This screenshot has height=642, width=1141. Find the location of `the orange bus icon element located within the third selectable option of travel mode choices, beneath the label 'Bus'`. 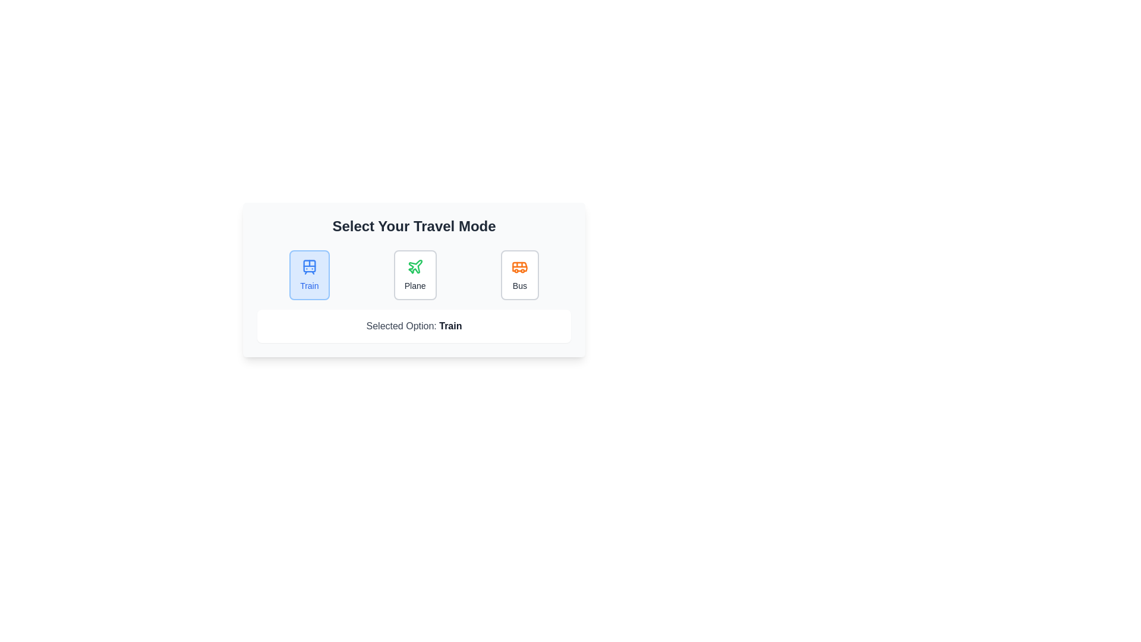

the orange bus icon element located within the third selectable option of travel mode choices, beneath the label 'Bus' is located at coordinates (519, 266).